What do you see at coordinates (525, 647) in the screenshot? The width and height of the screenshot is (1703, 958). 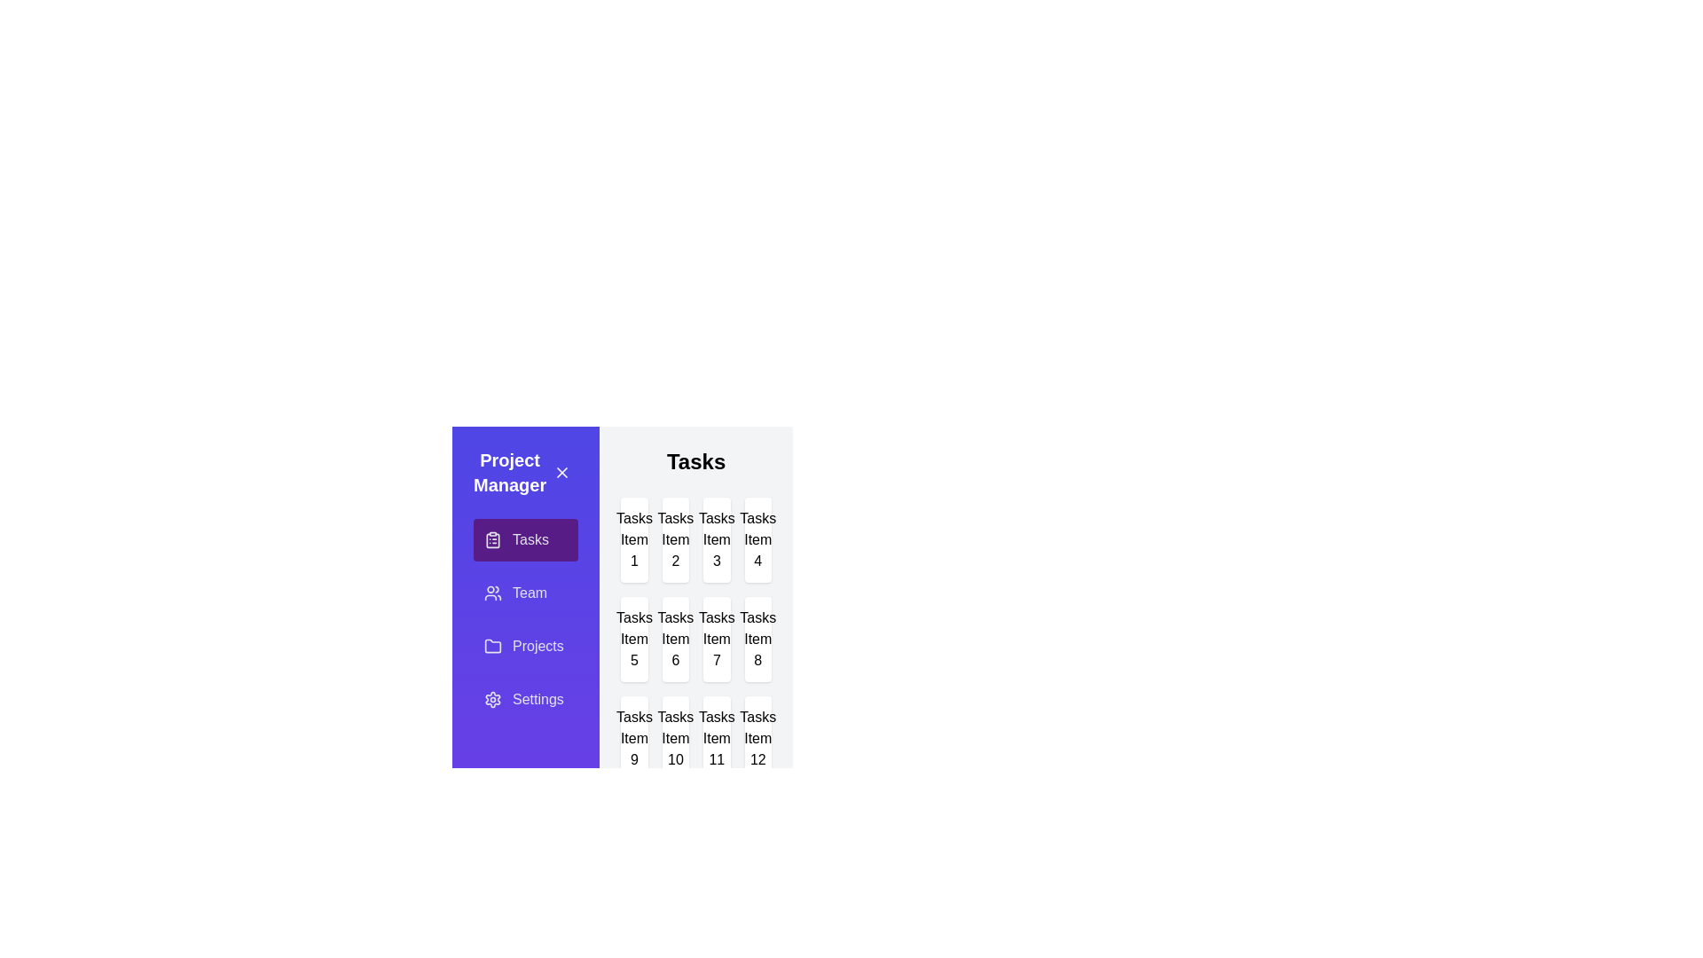 I see `the Projects tab by clicking on it` at bounding box center [525, 647].